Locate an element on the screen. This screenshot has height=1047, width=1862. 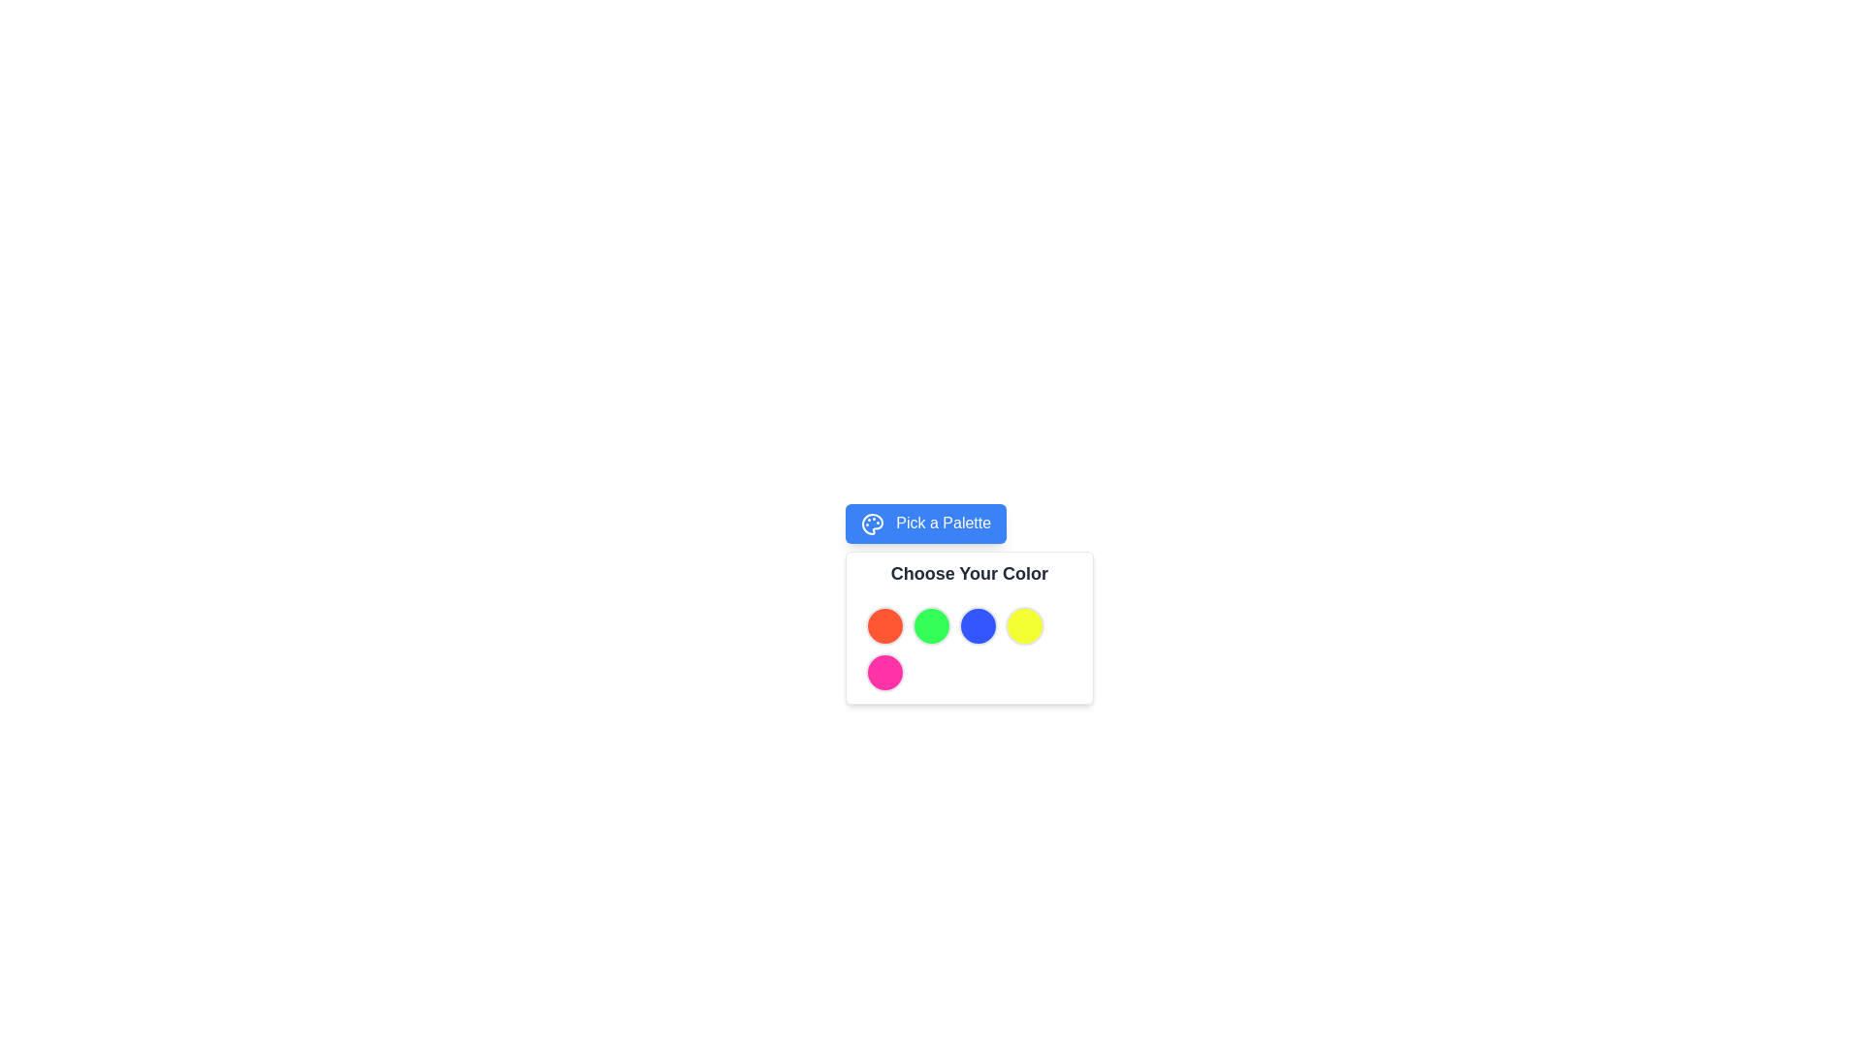
the button with a blue background and white text 'Pick a Palette' is located at coordinates (925, 523).